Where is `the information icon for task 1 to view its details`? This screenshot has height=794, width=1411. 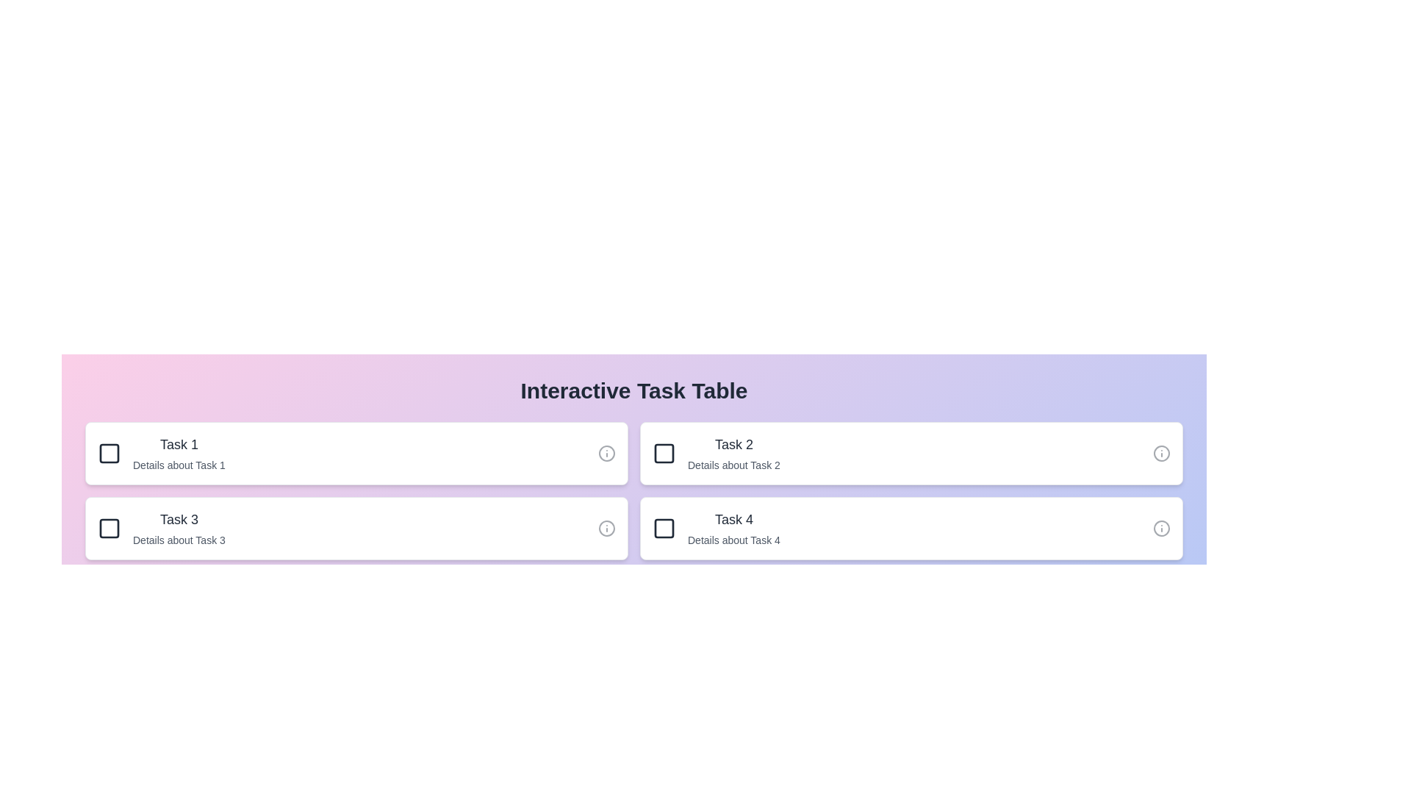
the information icon for task 1 to view its details is located at coordinates (606, 453).